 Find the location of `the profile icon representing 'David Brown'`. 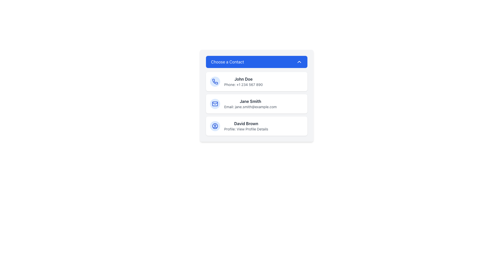

the profile icon representing 'David Brown' is located at coordinates (215, 126).